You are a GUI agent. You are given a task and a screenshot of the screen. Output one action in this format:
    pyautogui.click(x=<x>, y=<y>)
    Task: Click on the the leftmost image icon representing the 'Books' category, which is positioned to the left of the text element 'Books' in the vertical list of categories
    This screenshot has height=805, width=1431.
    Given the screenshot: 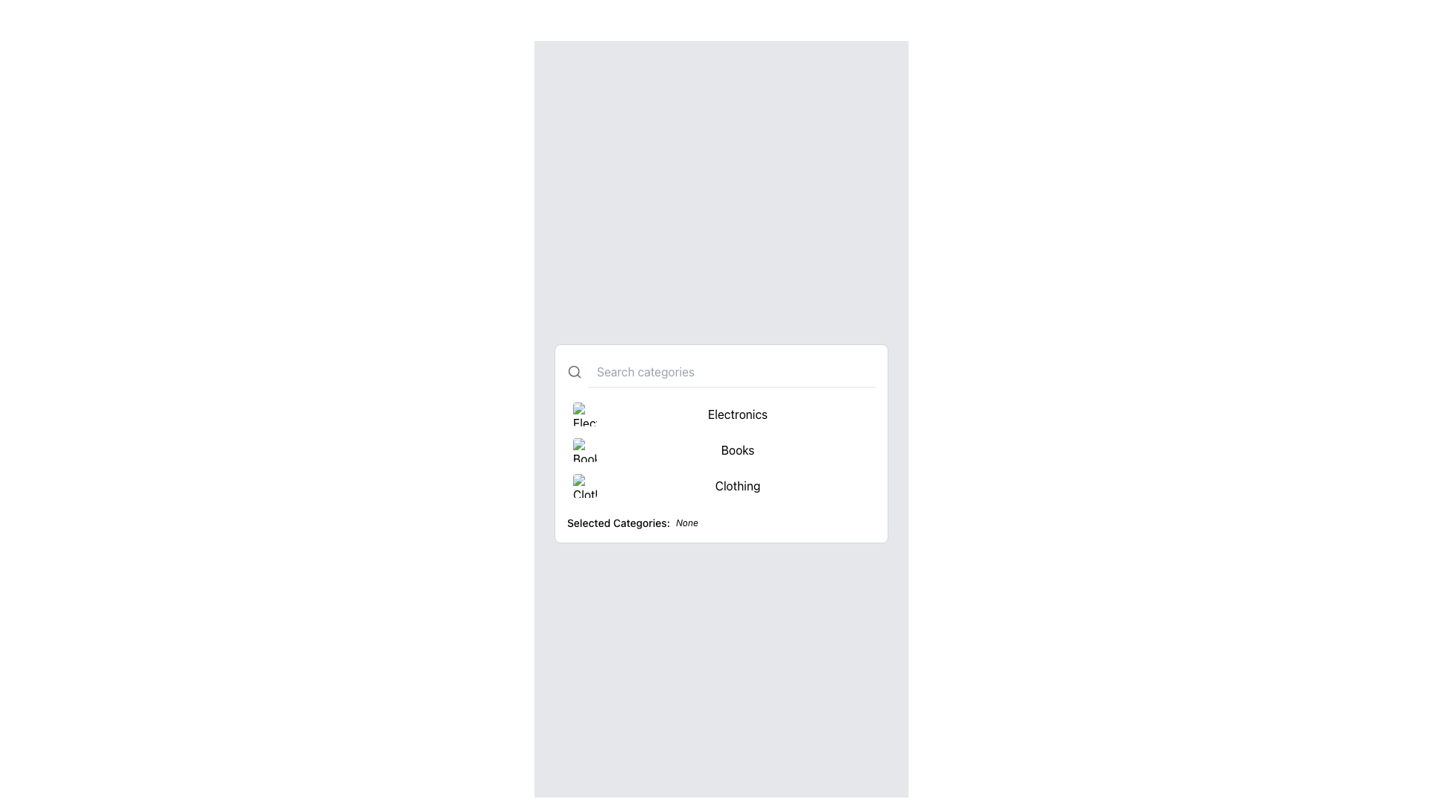 What is the action you would take?
    pyautogui.click(x=584, y=449)
    